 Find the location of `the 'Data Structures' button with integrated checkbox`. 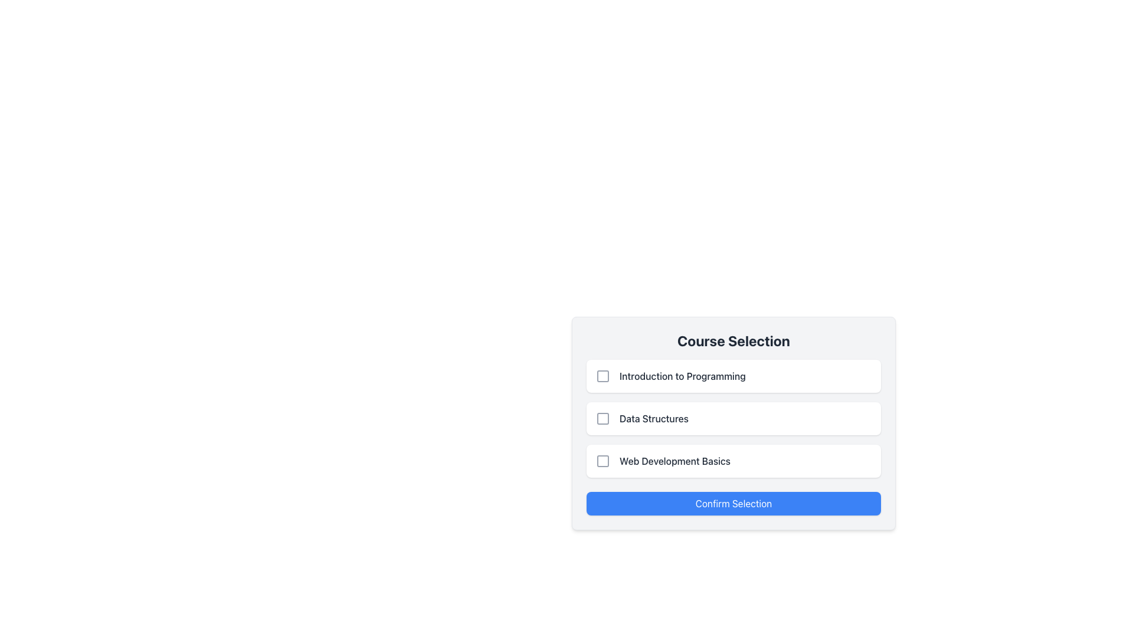

the 'Data Structures' button with integrated checkbox is located at coordinates (733, 418).